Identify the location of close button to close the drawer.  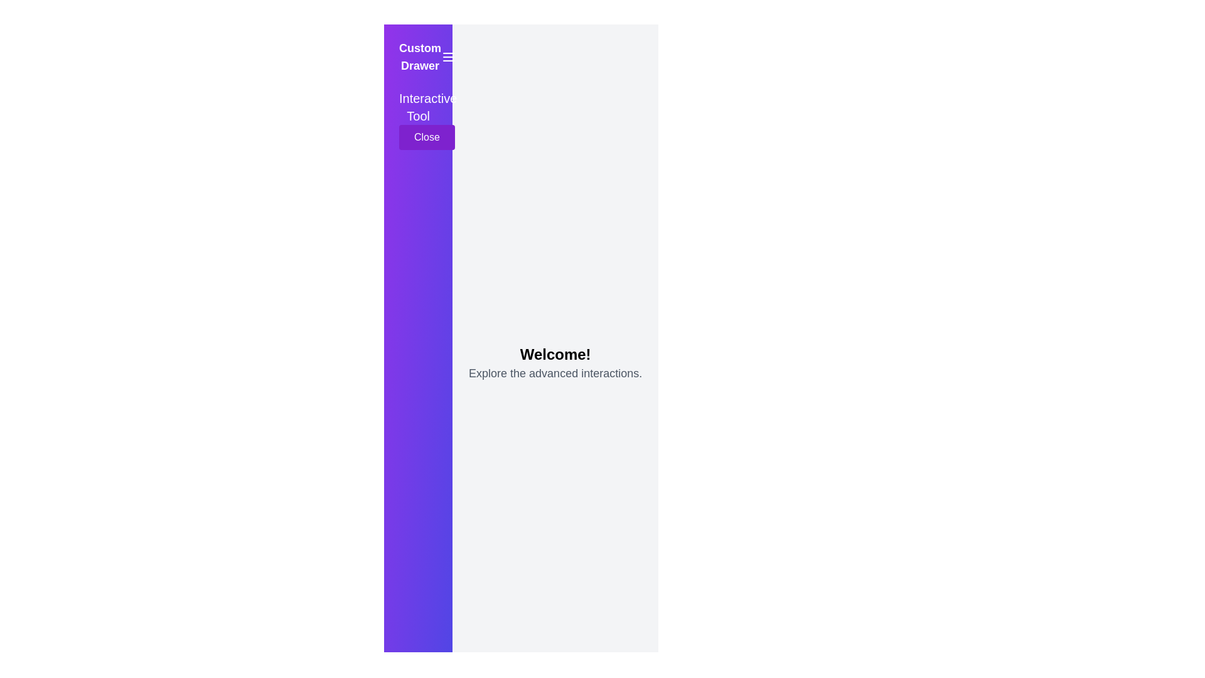
(427, 137).